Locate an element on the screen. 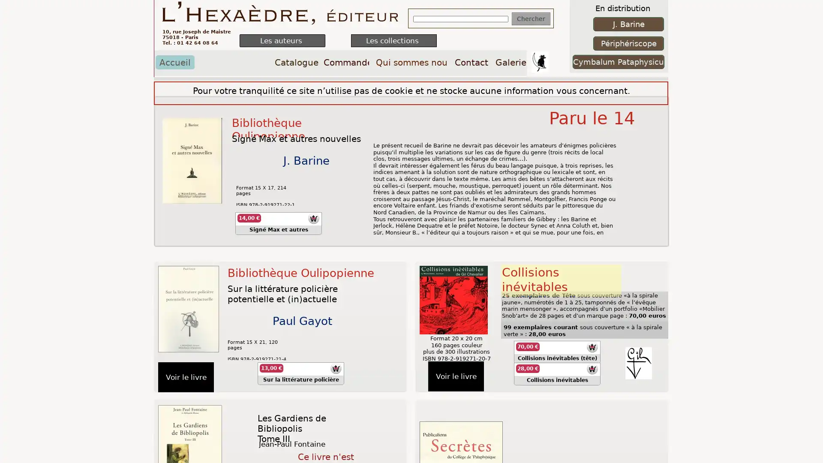 The width and height of the screenshot is (823, 463). Contact is located at coordinates (471, 62).